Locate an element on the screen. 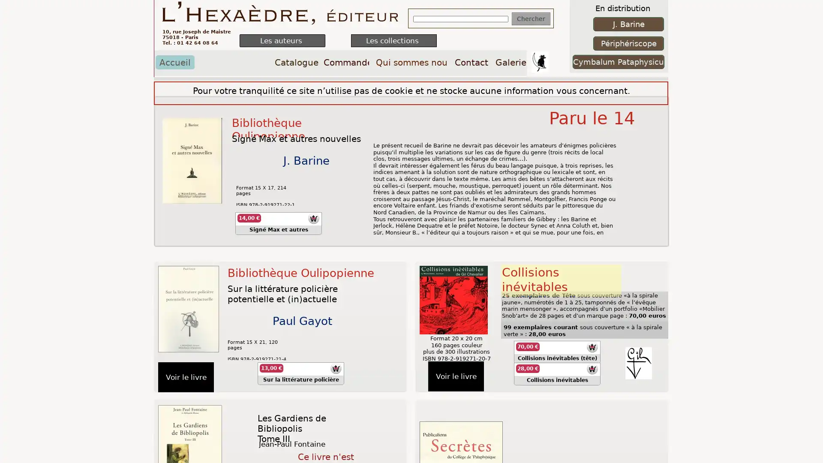 The width and height of the screenshot is (823, 463). Contact is located at coordinates (471, 62).